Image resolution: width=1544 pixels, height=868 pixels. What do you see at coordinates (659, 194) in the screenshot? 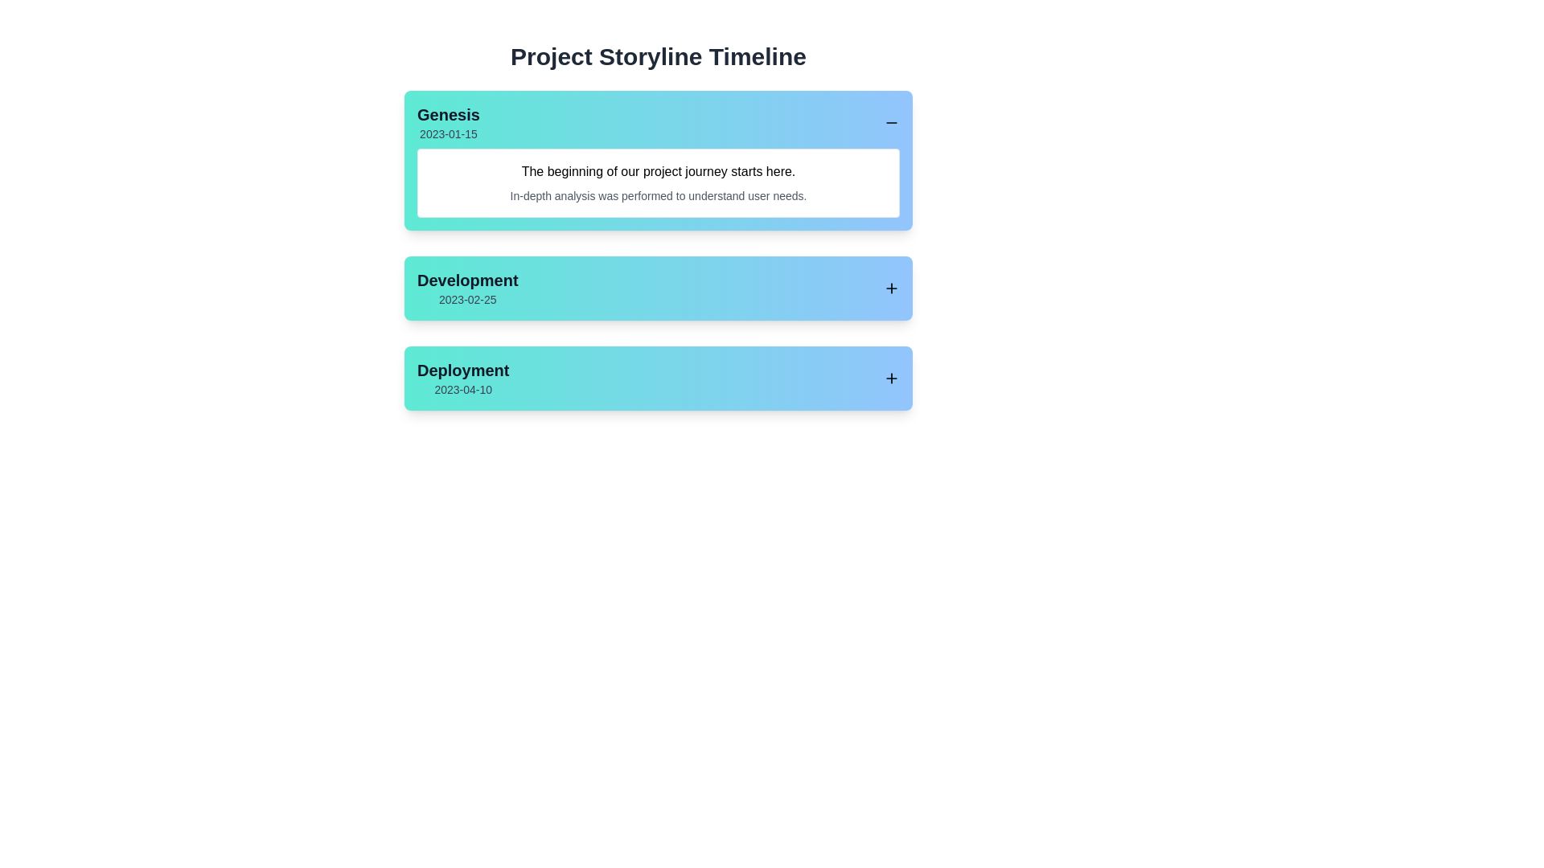
I see `the text label that displays descriptive information related to the 'Genesis' phase of the project timeline, located in the second row under the header 'Genesis'` at bounding box center [659, 194].